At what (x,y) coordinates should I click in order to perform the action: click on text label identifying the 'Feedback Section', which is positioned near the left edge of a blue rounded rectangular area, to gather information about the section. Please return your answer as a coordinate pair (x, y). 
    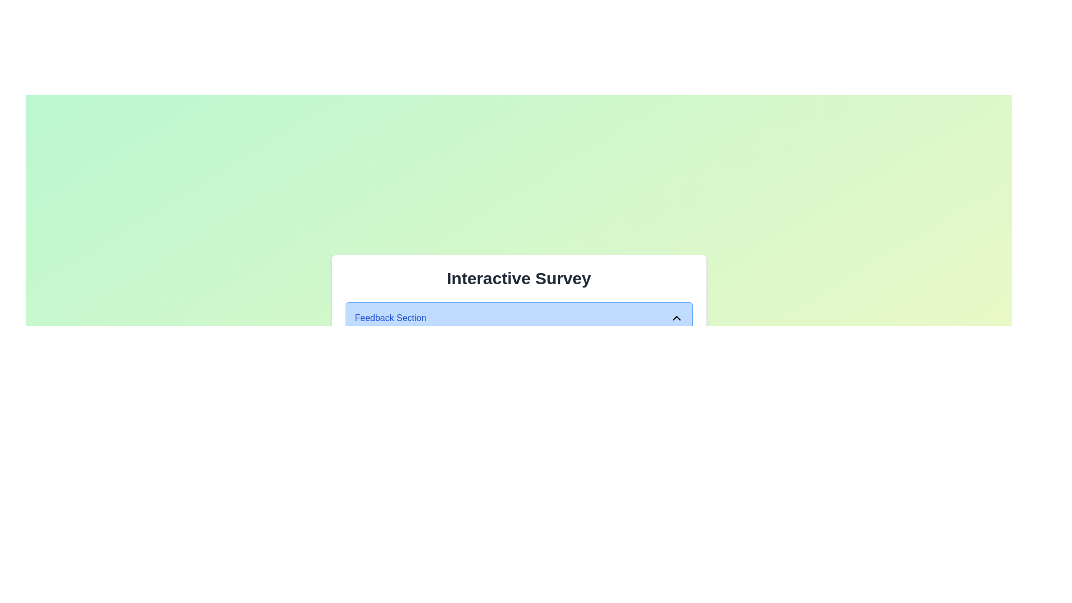
    Looking at the image, I should click on (390, 318).